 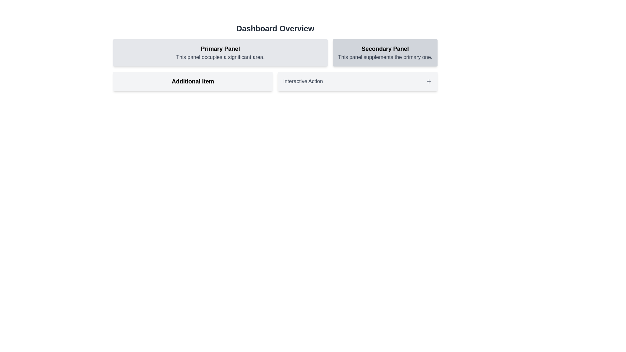 I want to click on the text label displaying 'This panel occupies a significant area.' which is located directly below the 'Primary Panel' header, so click(x=220, y=57).